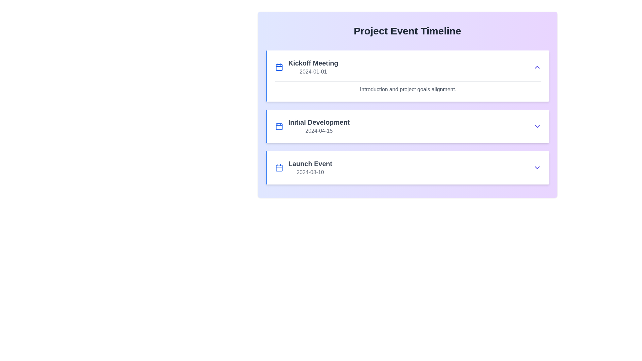 This screenshot has width=642, height=361. I want to click on the calendar icon located to the left of the text 'Kickoff Meeting 2024-01-01' in the top event card of the timeline component, so click(279, 67).